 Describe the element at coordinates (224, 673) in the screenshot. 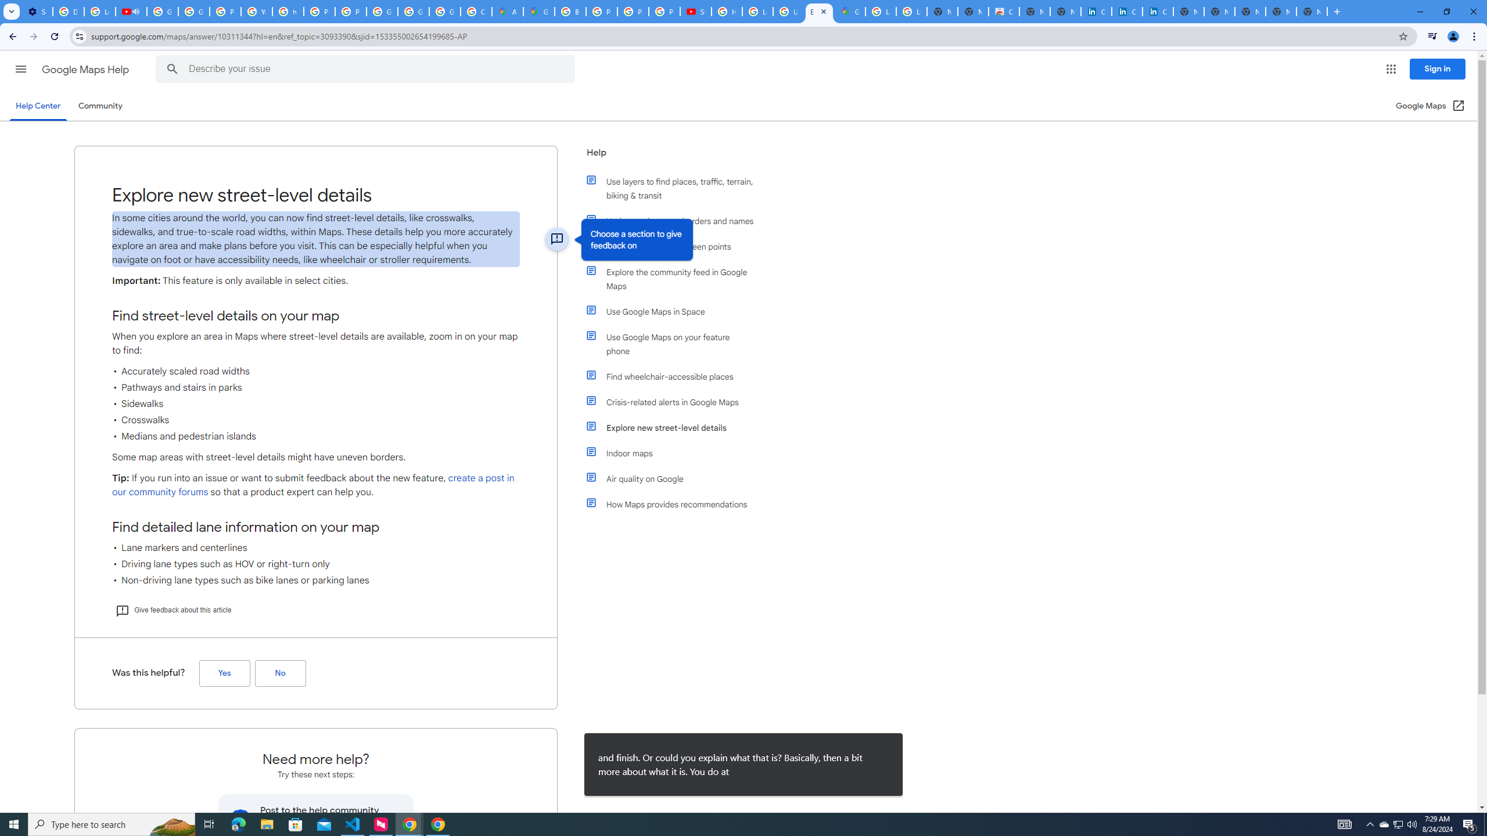

I see `'Yes (Was this helpful?)'` at that location.